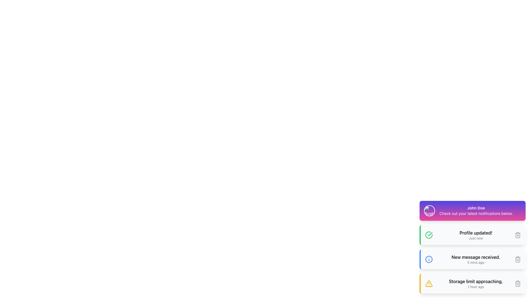 This screenshot has width=530, height=298. Describe the element at coordinates (518, 235) in the screenshot. I see `the delete icon button located in the top-right corner of the 'Profile updated!' notification card` at that location.